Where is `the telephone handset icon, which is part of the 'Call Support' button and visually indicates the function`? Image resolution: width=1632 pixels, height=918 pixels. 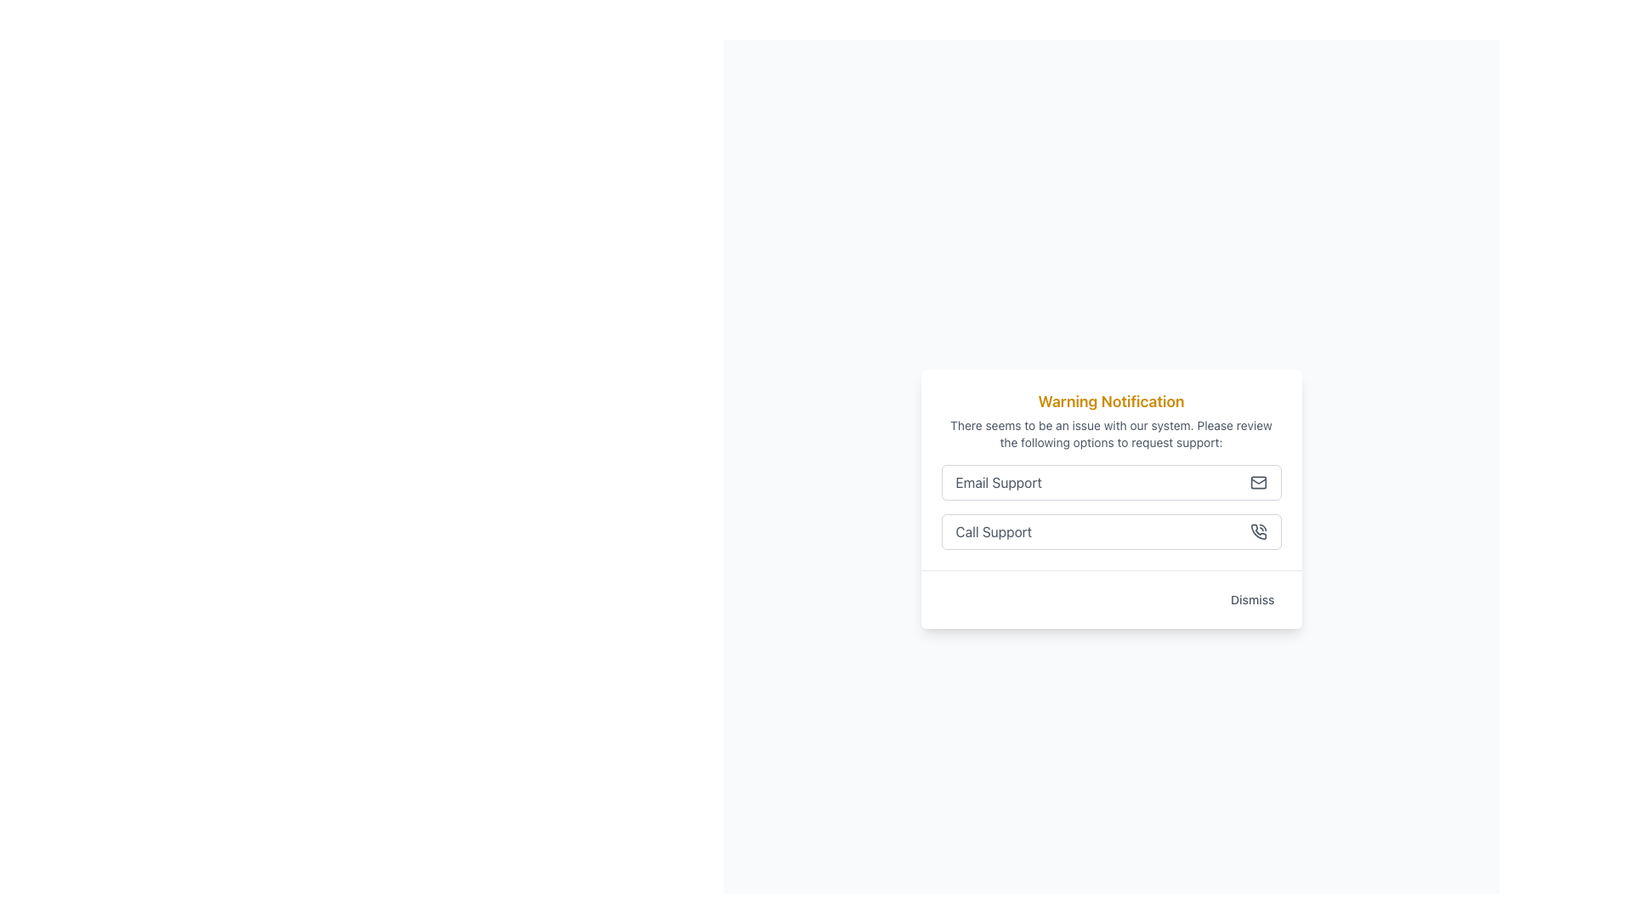 the telephone handset icon, which is part of the 'Call Support' button and visually indicates the function is located at coordinates (1258, 530).